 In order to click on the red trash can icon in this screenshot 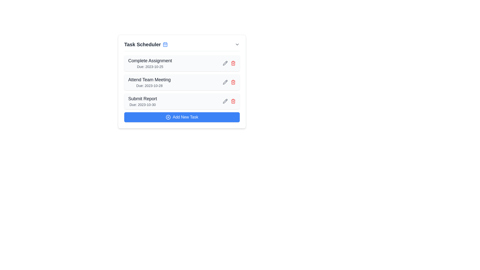, I will do `click(233, 101)`.